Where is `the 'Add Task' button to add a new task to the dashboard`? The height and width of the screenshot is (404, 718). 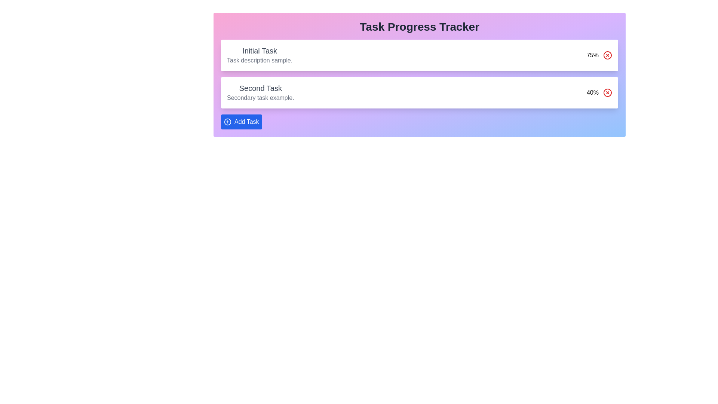
the 'Add Task' button to add a new task to the dashboard is located at coordinates (241, 122).